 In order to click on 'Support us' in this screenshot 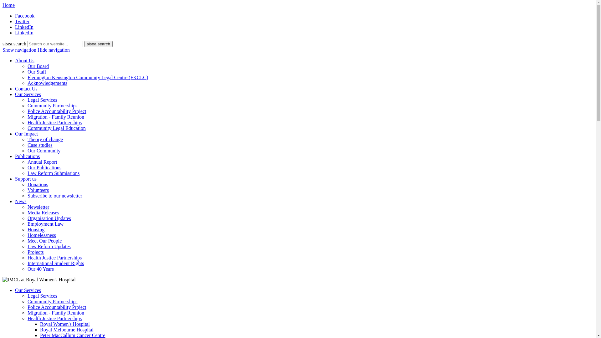, I will do `click(25, 179)`.